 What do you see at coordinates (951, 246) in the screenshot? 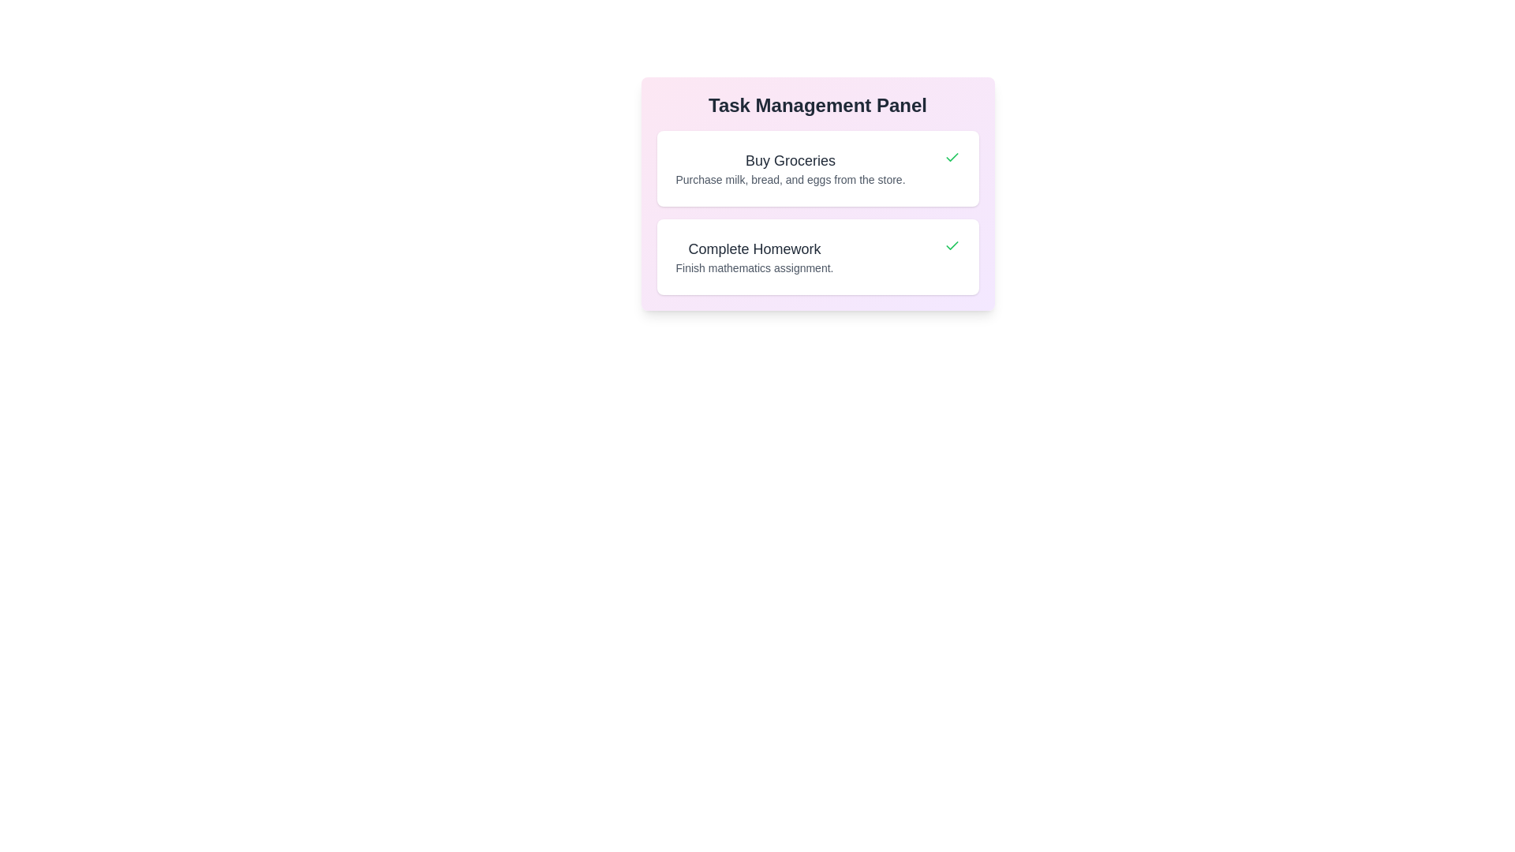
I see `'Complete Task' button for the task 'Complete Homework'` at bounding box center [951, 246].